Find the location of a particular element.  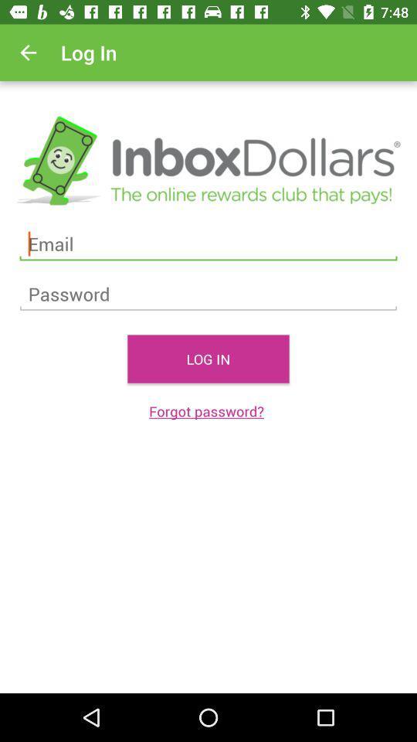

email address is located at coordinates (208, 244).